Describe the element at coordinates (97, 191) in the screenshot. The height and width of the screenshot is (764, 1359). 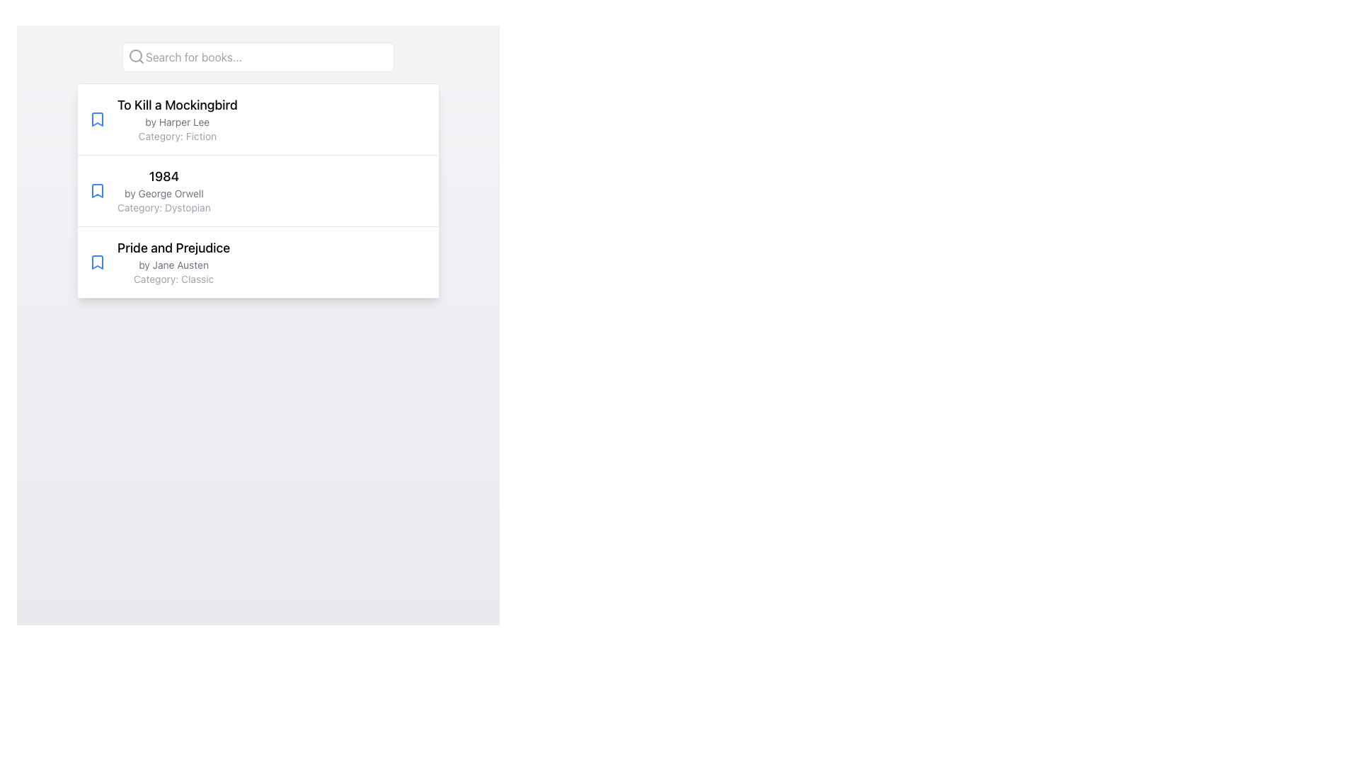
I see `the bookmark icon located in the leftmost portion of the second list item, aligned with the title '1984'` at that location.